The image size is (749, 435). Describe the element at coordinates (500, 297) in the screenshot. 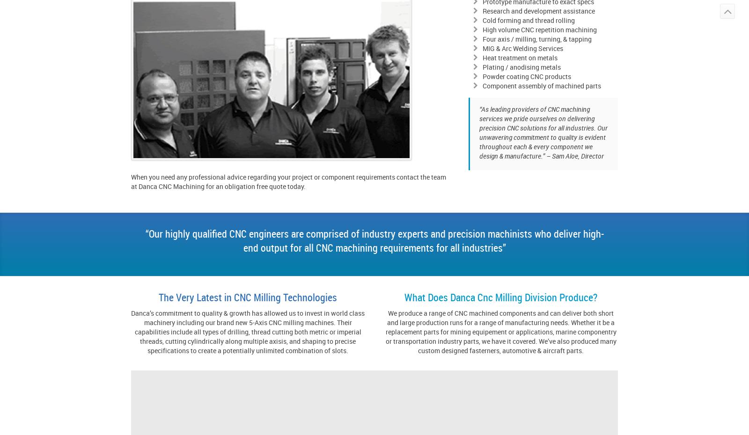

I see `'What Does Danca Cnc Milling Division Produce?'` at that location.